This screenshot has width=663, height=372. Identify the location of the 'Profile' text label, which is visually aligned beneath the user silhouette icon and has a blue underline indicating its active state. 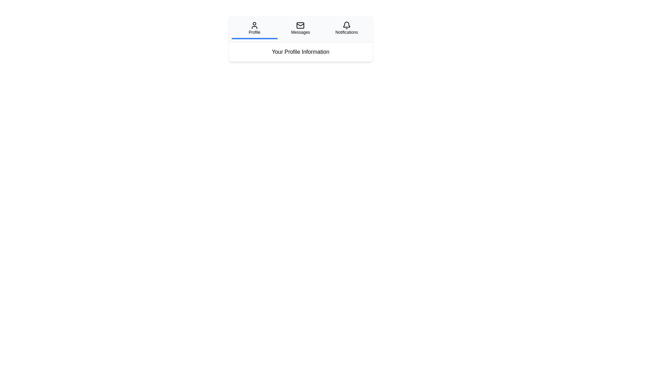
(254, 32).